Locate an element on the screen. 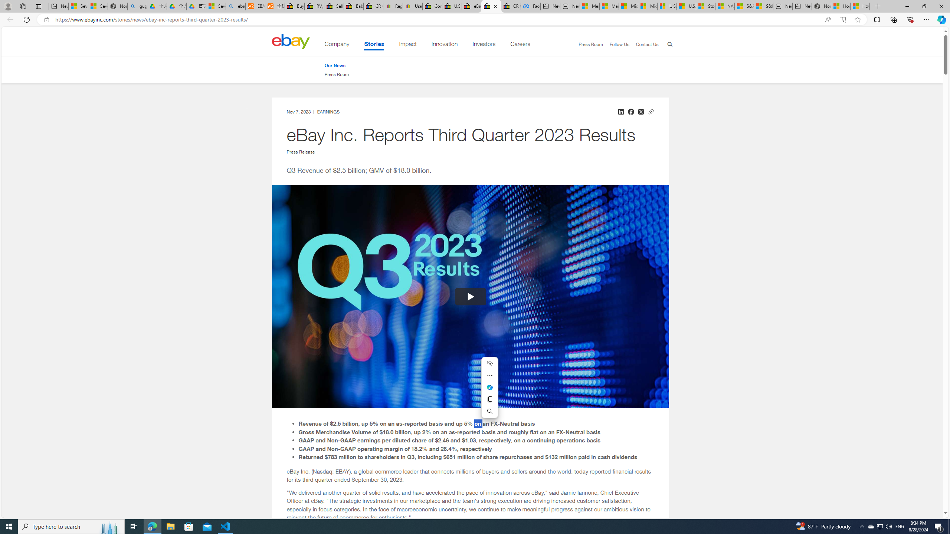 The height and width of the screenshot is (534, 950). 'Mini menu on text selection' is located at coordinates (490, 392).